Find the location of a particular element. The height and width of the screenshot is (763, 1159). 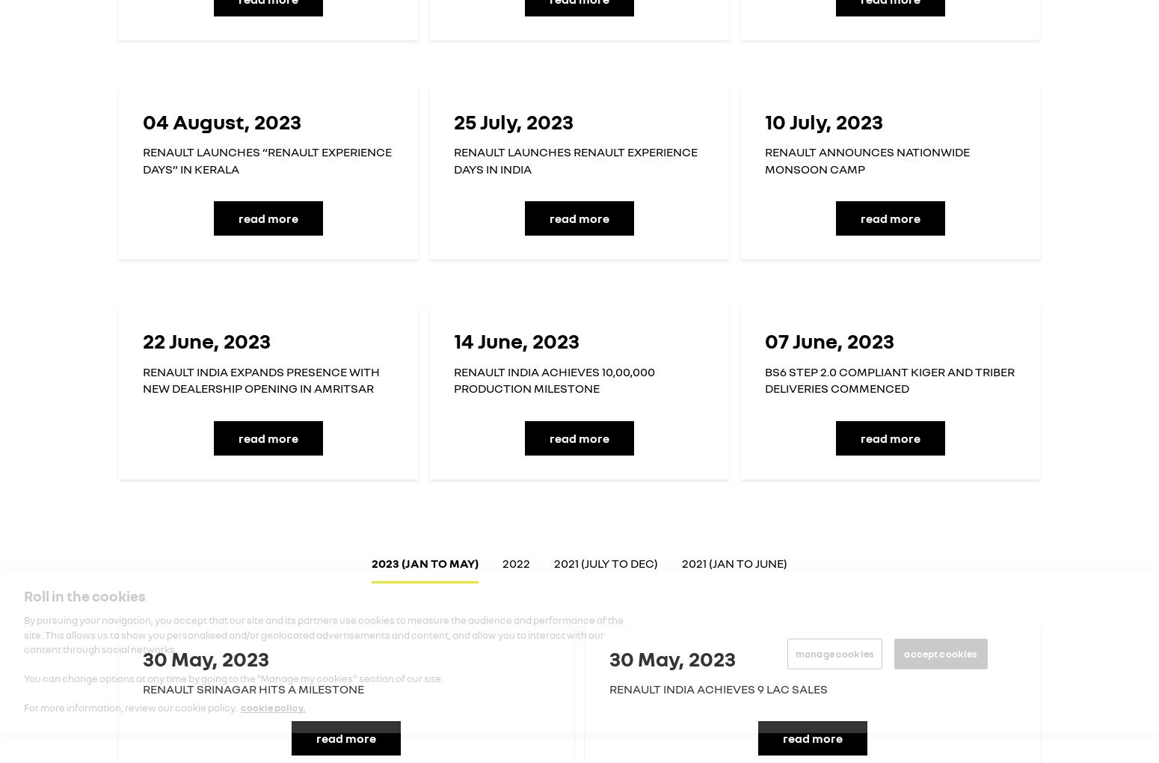

'22 June, 2023' is located at coordinates (206, 340).